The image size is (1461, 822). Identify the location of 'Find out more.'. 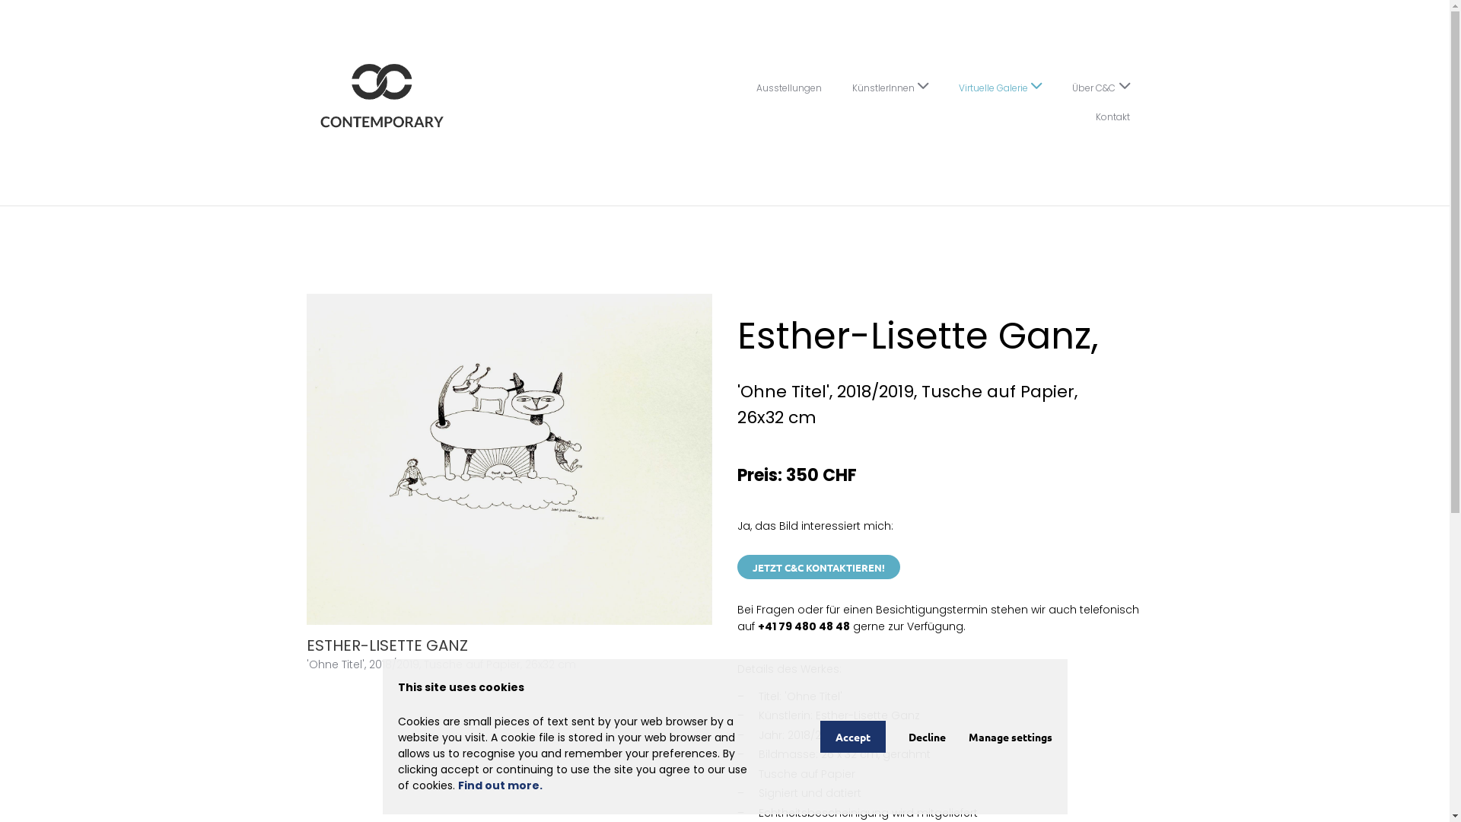
(500, 785).